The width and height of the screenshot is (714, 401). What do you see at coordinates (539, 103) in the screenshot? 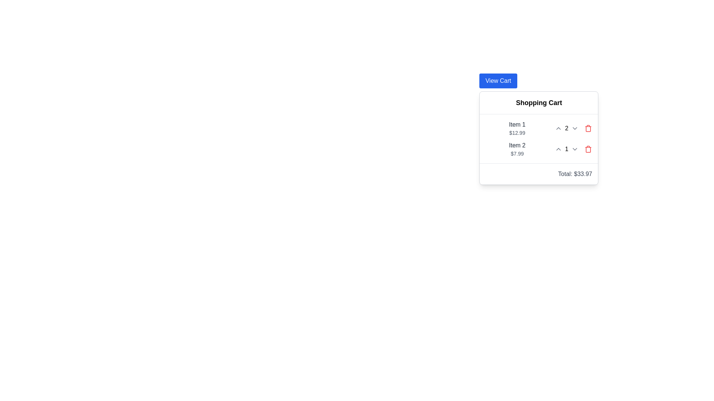
I see `the title text label of the shopping cart drop-down interface, which is located below the 'View Cart' button and above the list of items in the cart` at bounding box center [539, 103].